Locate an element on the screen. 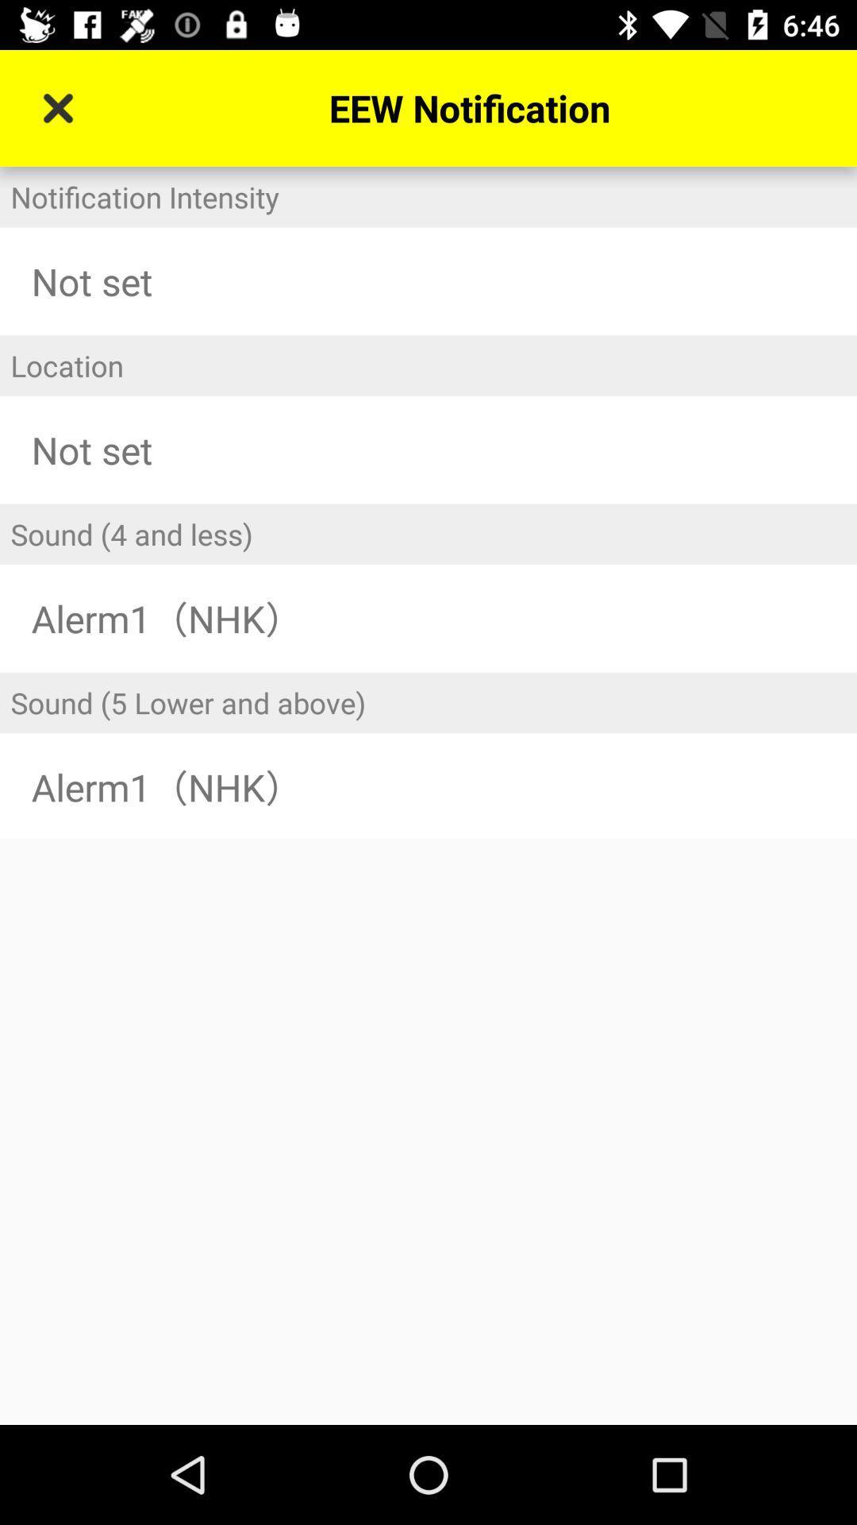  the sound 5 lower icon is located at coordinates (428, 701).